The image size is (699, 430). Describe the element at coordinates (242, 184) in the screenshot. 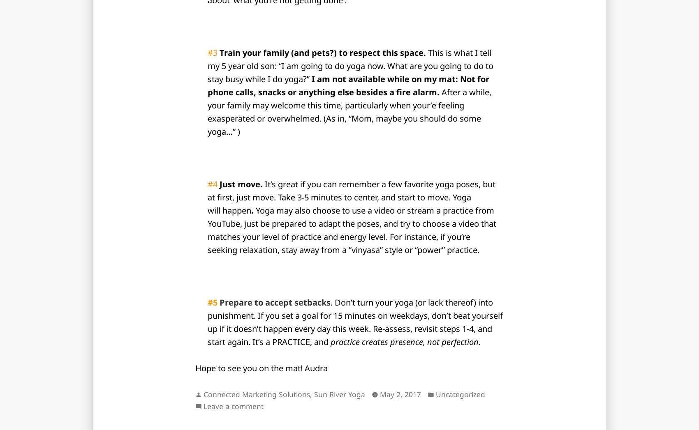

I see `'Just move.'` at that location.